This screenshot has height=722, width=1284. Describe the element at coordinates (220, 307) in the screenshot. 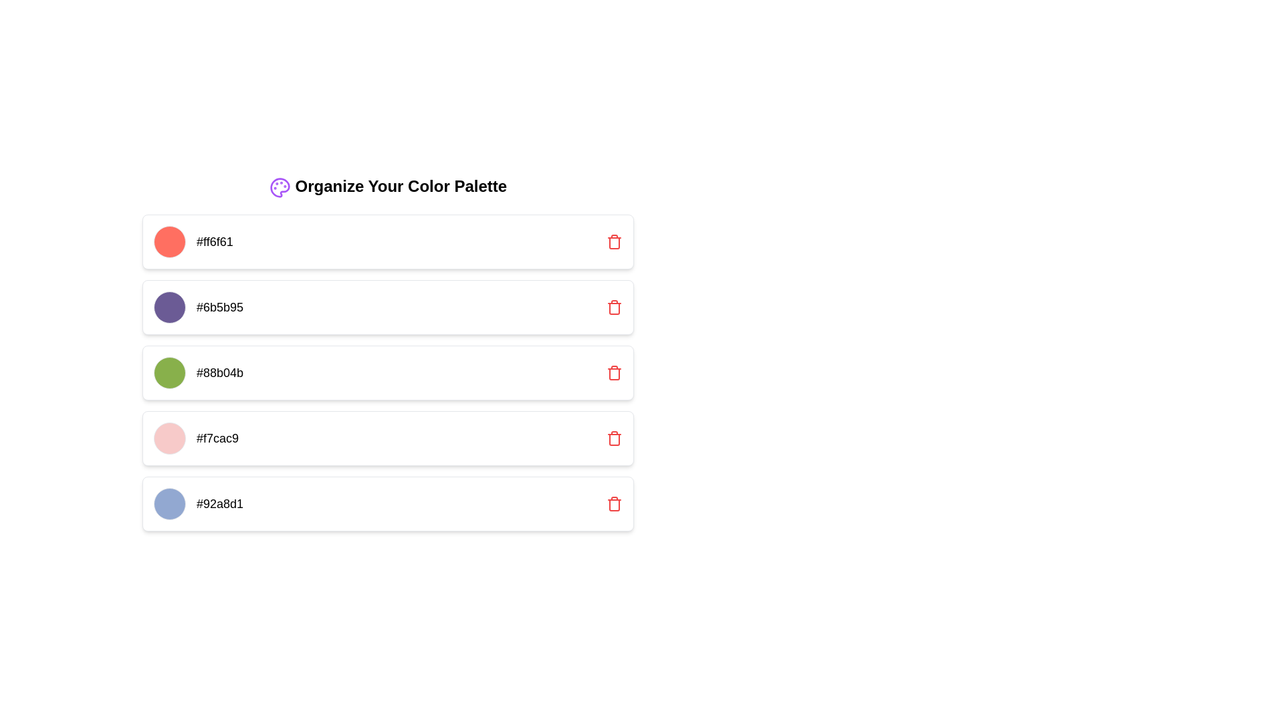

I see `the text display element that shows the hexadecimal color value associated with the purple circular color preview in the second item of the list under 'Organize Your Color Palette'` at that location.